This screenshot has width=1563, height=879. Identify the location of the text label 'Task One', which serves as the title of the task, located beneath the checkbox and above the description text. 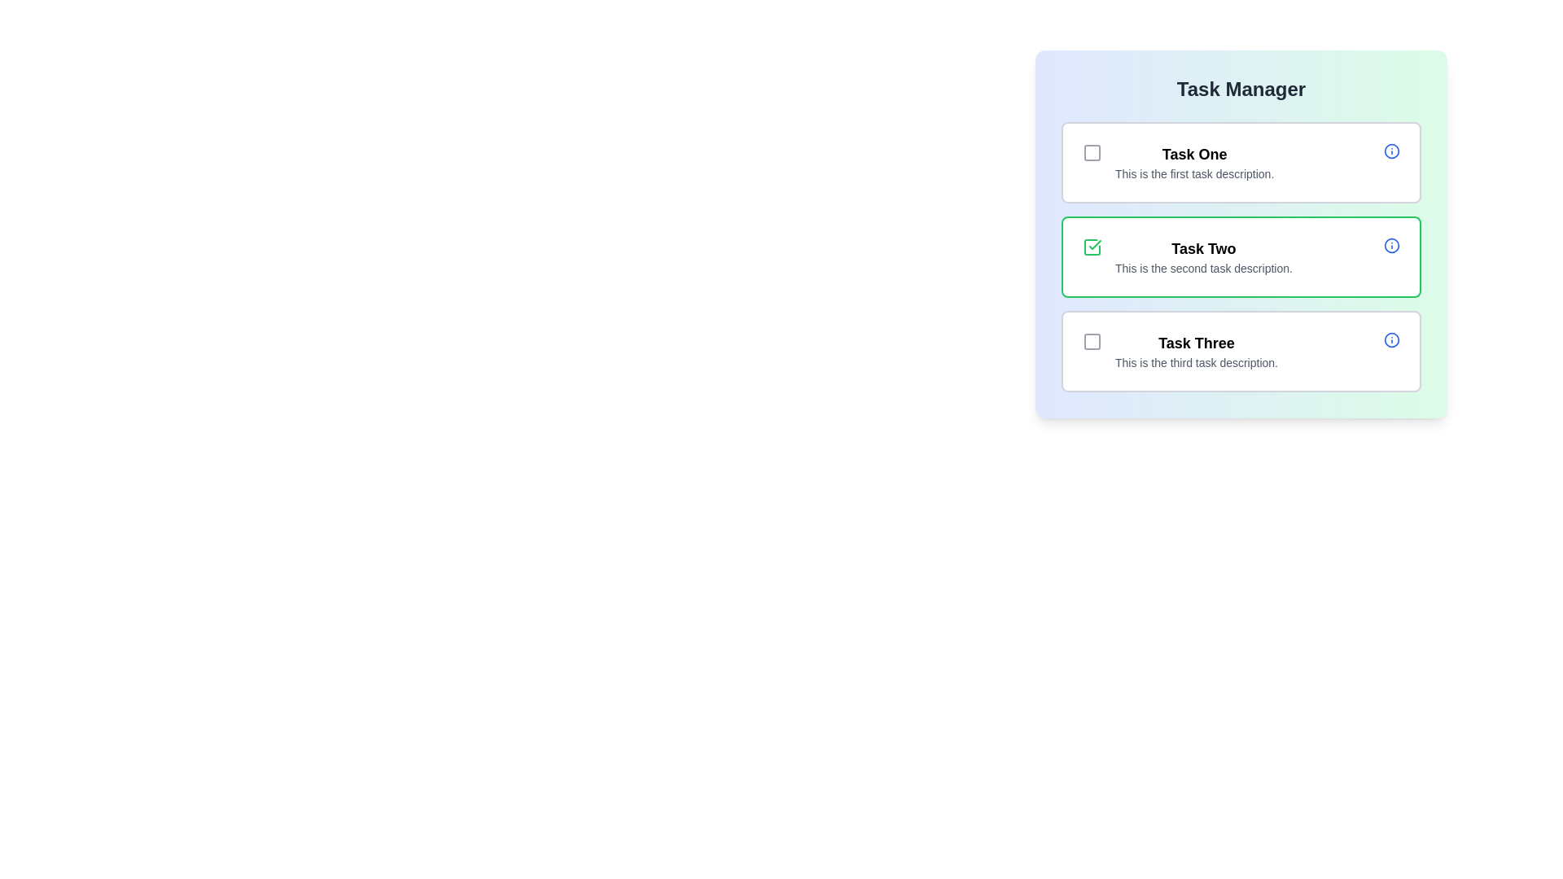
(1194, 154).